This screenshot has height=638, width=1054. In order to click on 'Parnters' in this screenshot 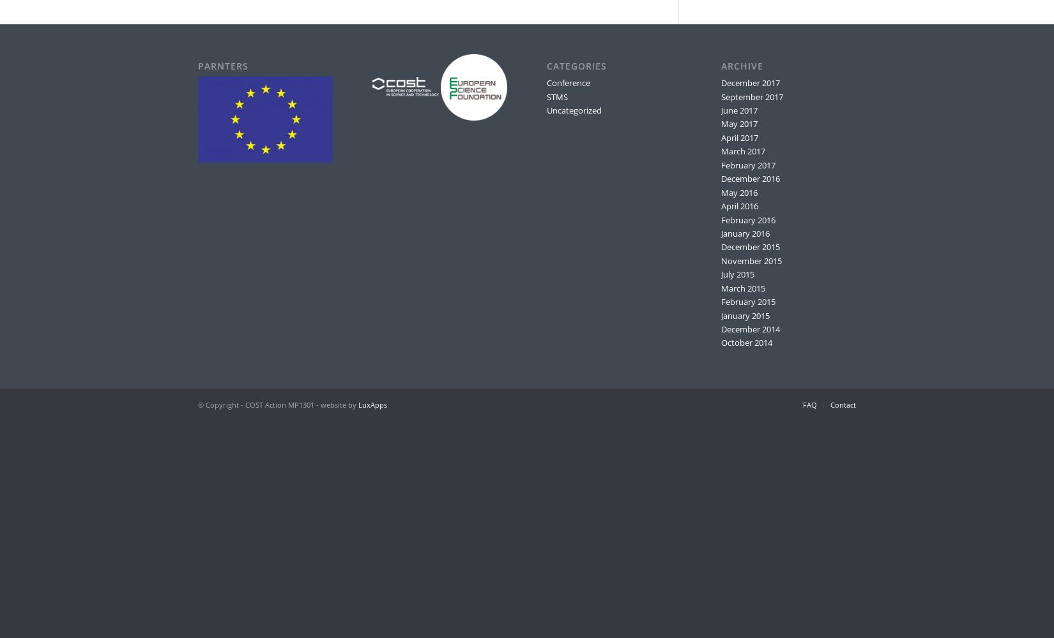, I will do `click(223, 65)`.